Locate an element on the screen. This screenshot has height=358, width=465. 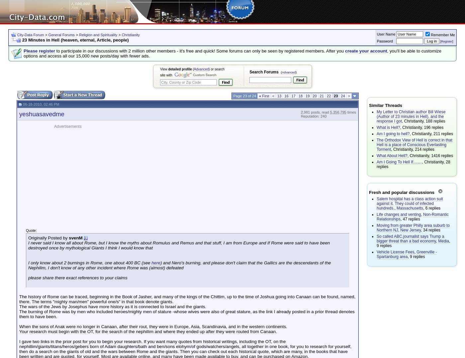
'Remember Me' is located at coordinates (443, 34).